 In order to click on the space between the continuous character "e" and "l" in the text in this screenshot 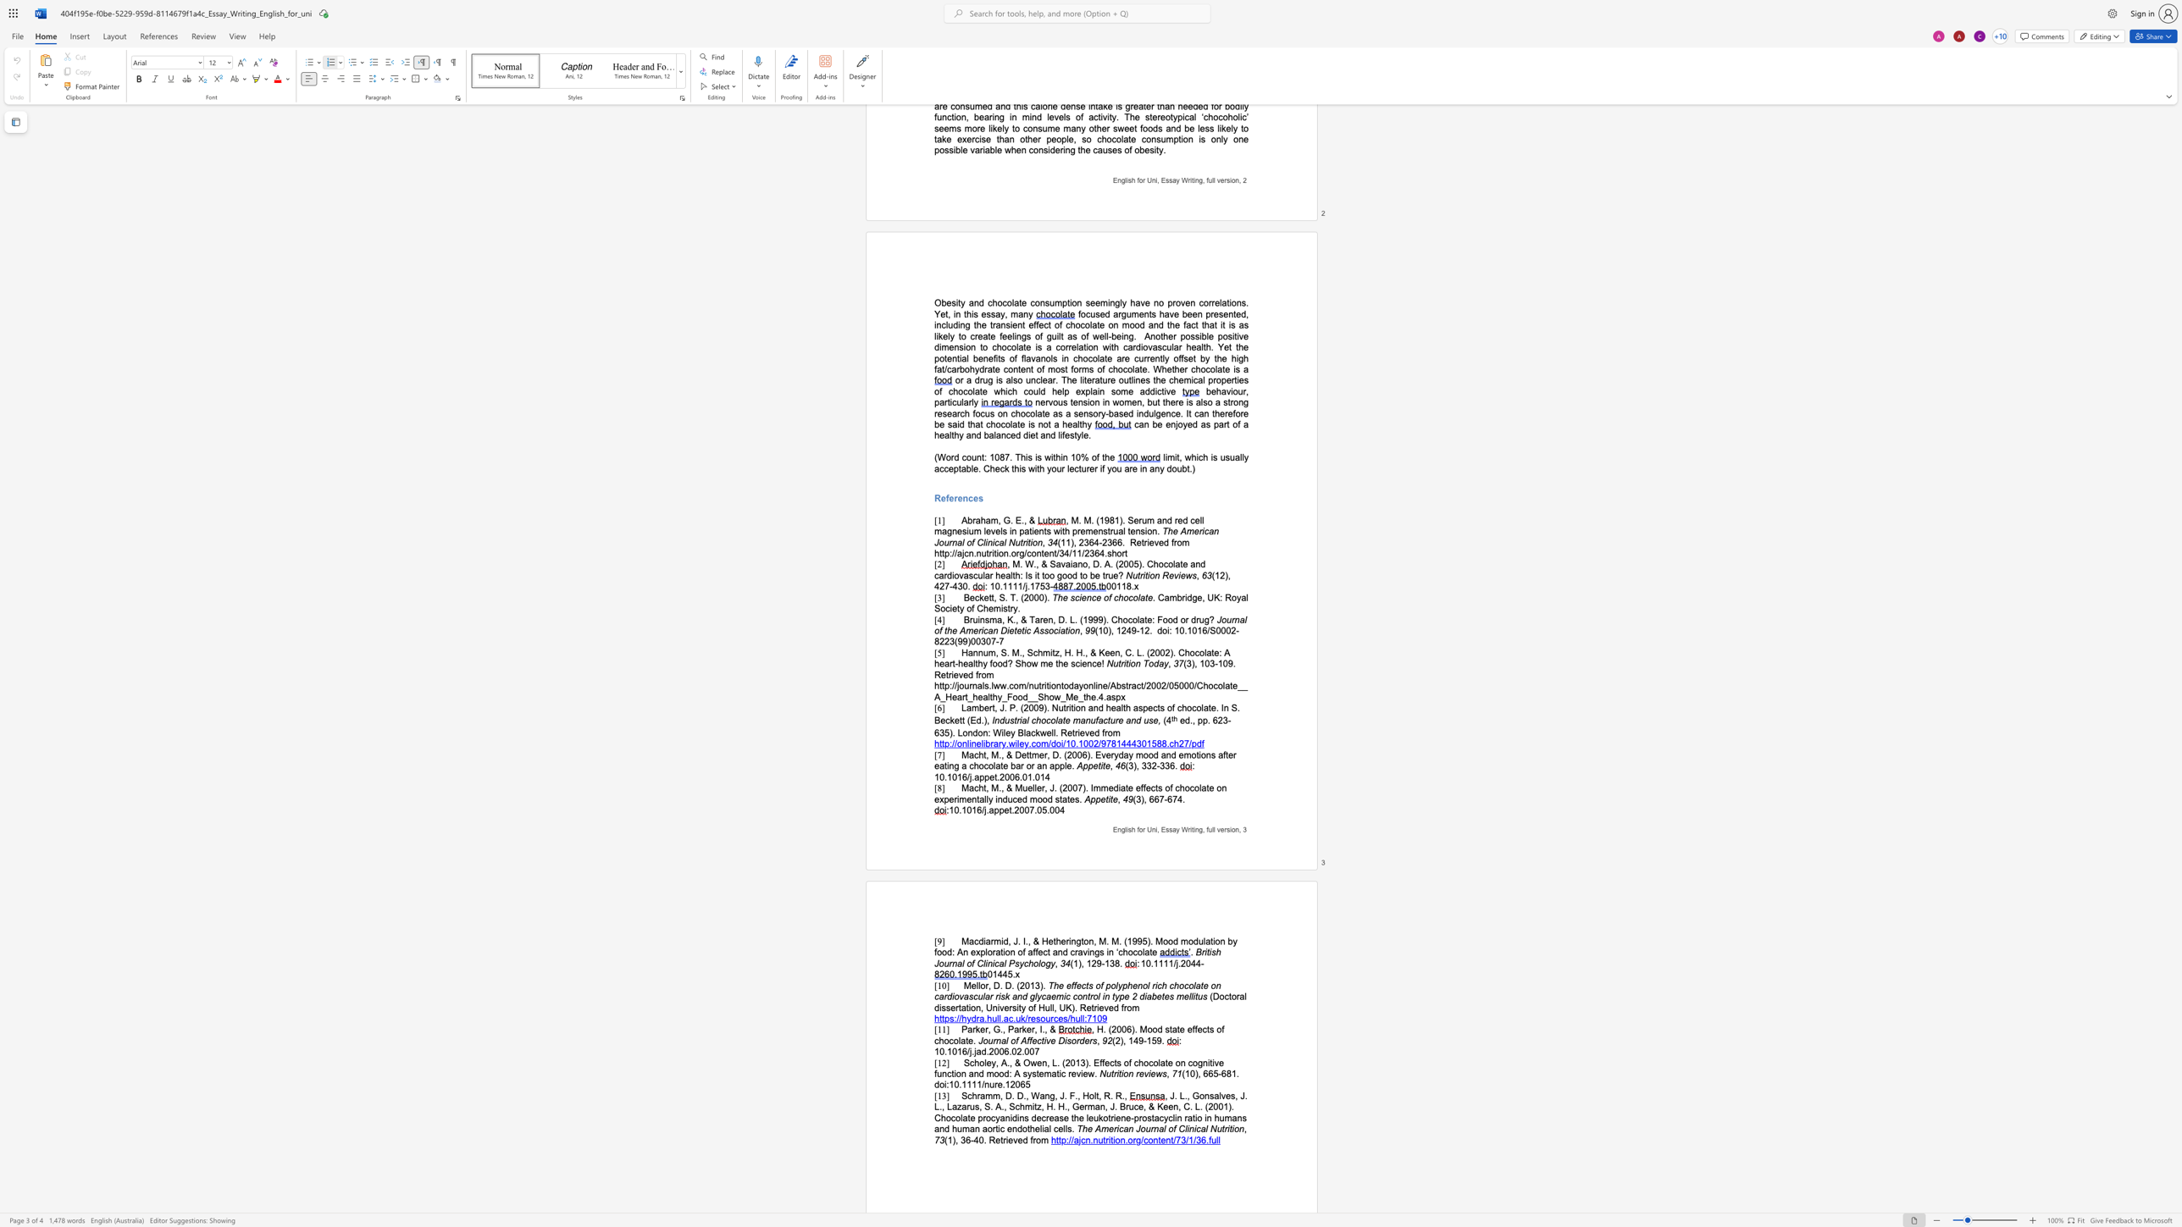, I will do `click(974, 985)`.